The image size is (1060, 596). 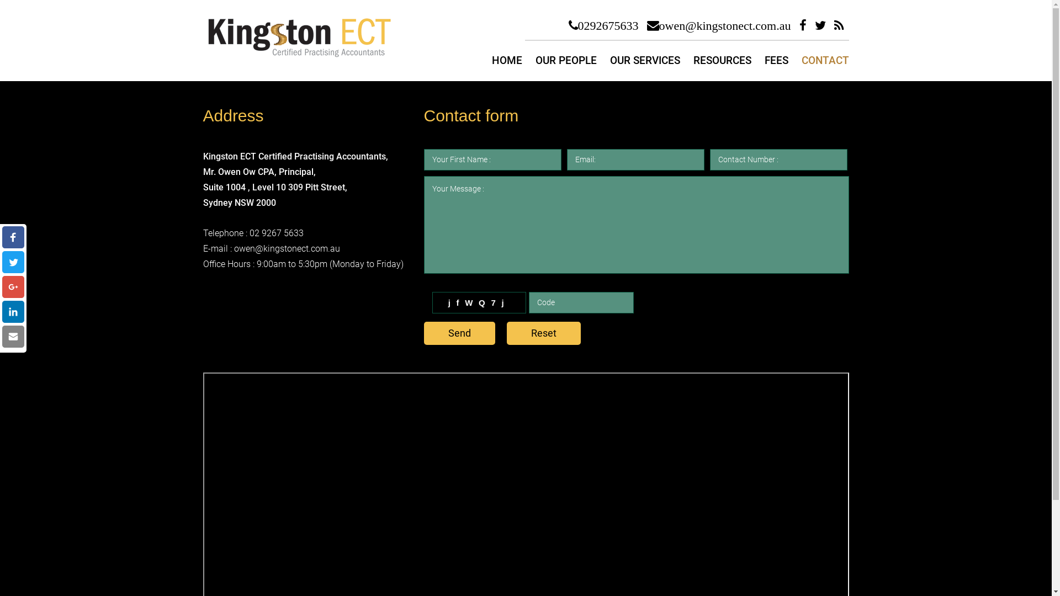 I want to click on 'HOME', so click(x=506, y=60).